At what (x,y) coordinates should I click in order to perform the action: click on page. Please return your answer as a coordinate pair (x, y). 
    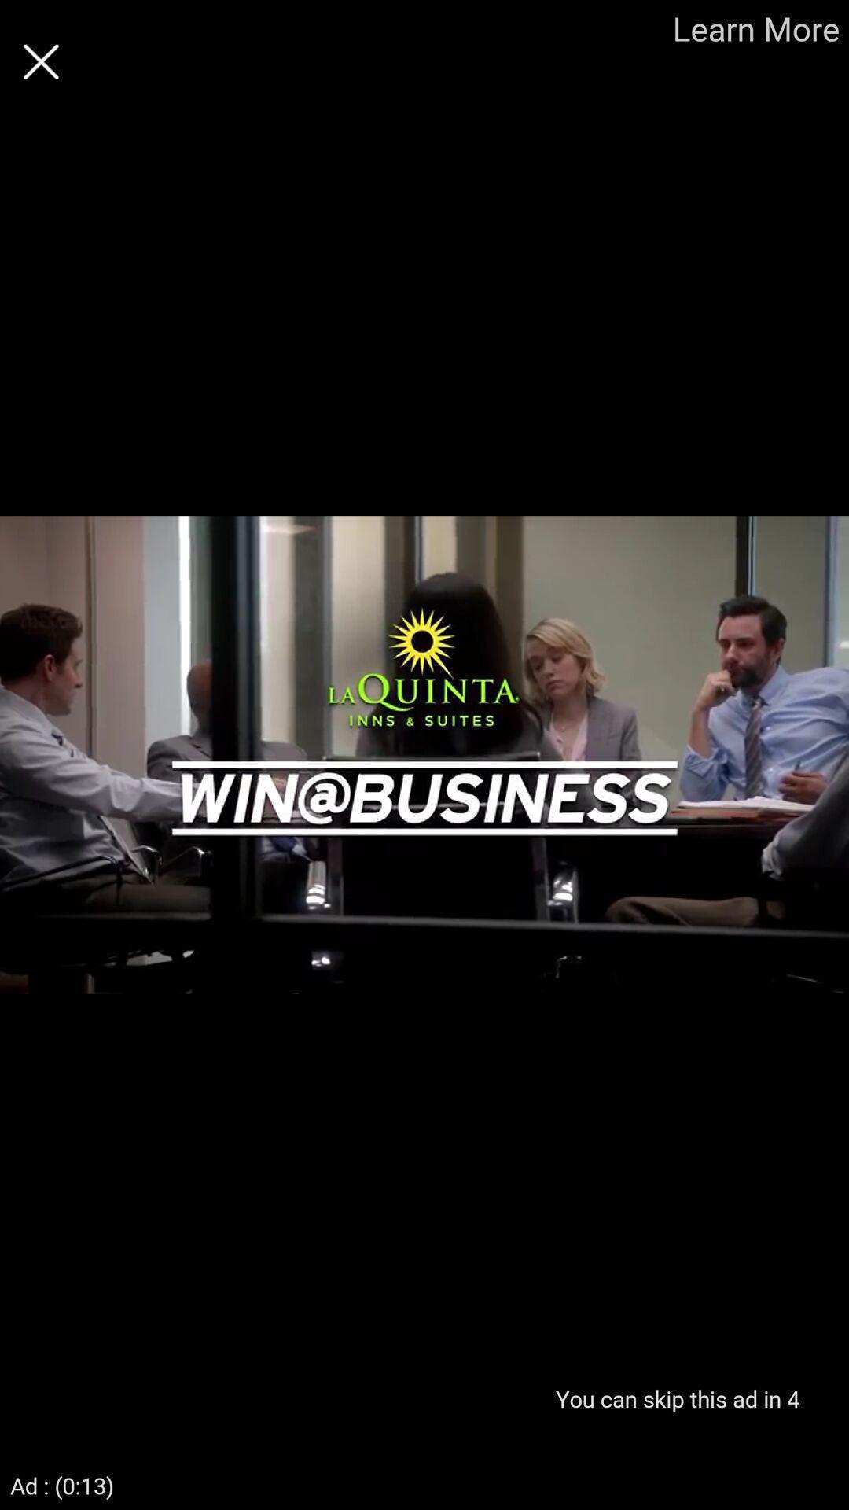
    Looking at the image, I should click on (40, 61).